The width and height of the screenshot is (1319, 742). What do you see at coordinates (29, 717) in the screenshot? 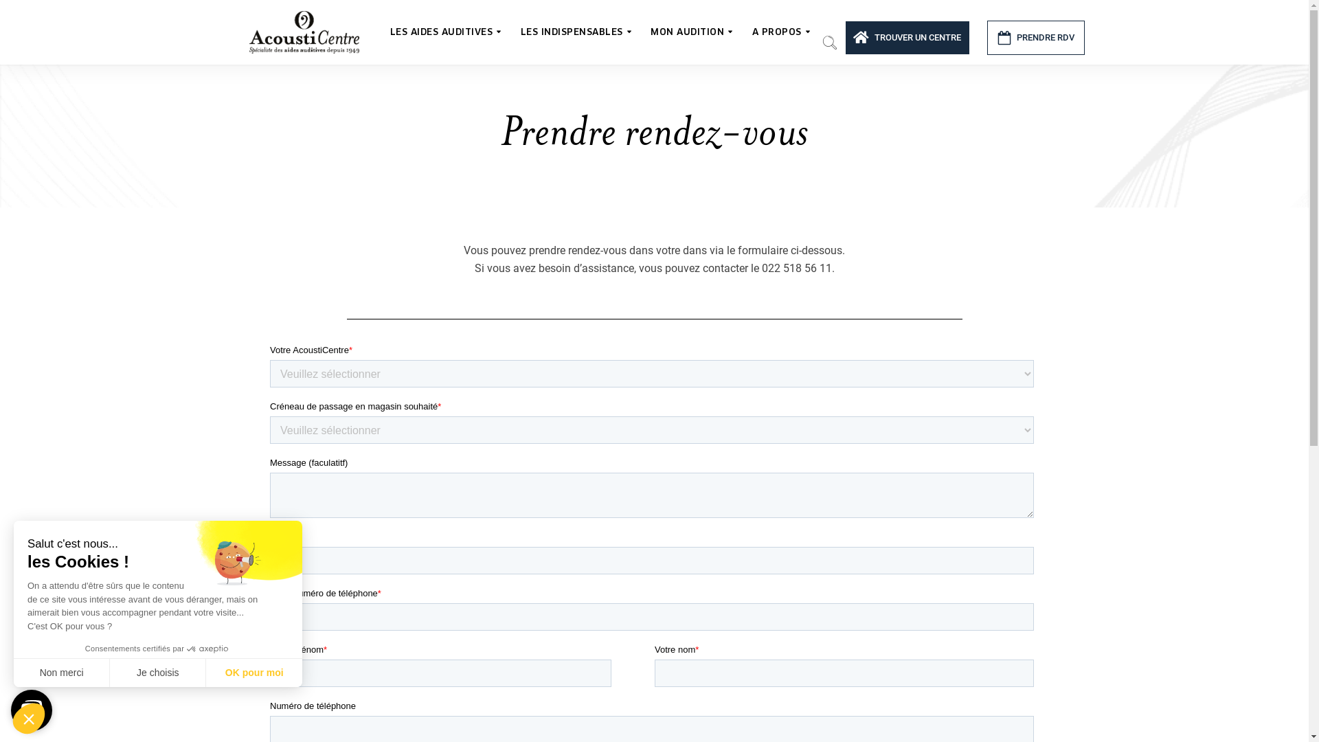
I see `'Fermer le widget sans consentement'` at bounding box center [29, 717].